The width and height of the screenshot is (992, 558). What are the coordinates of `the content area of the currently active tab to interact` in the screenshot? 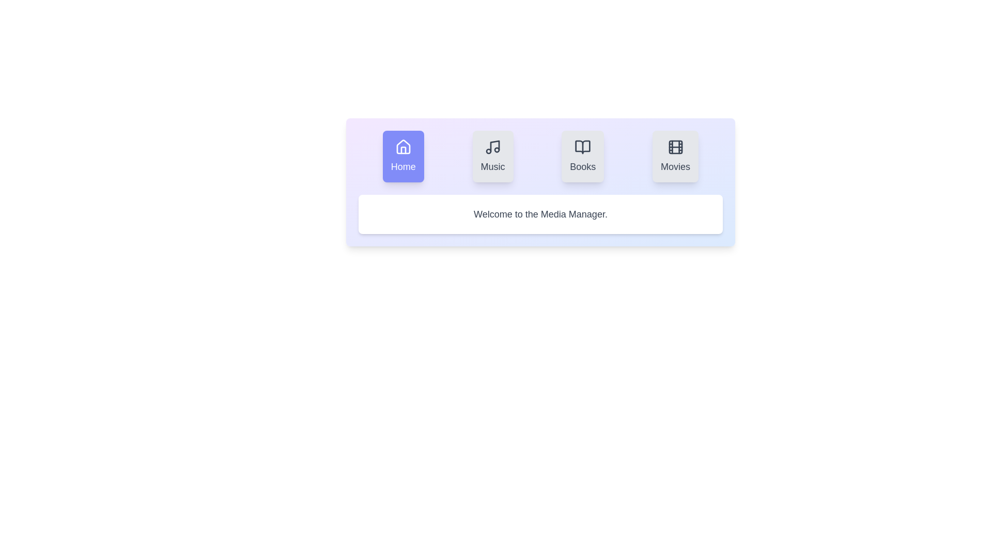 It's located at (540, 214).